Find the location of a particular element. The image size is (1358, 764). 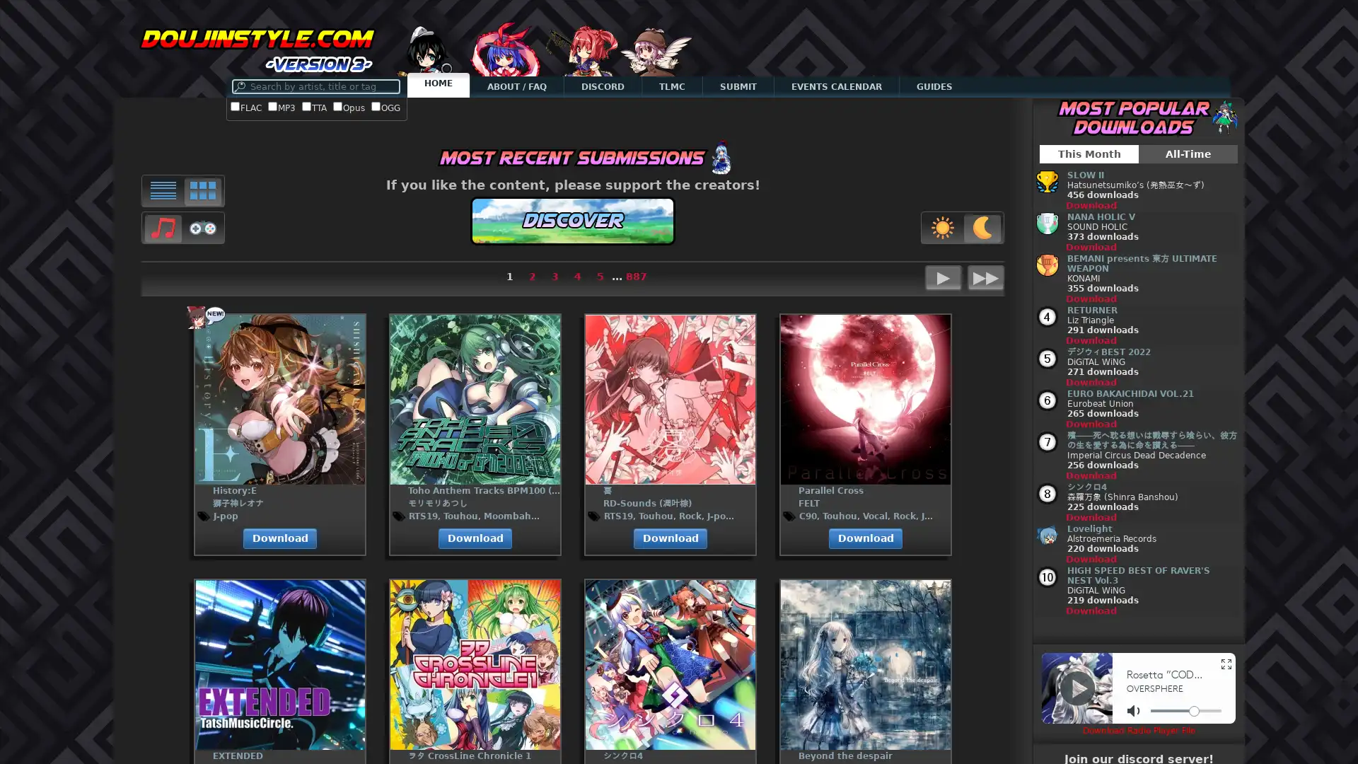

Download is located at coordinates (1090, 340).